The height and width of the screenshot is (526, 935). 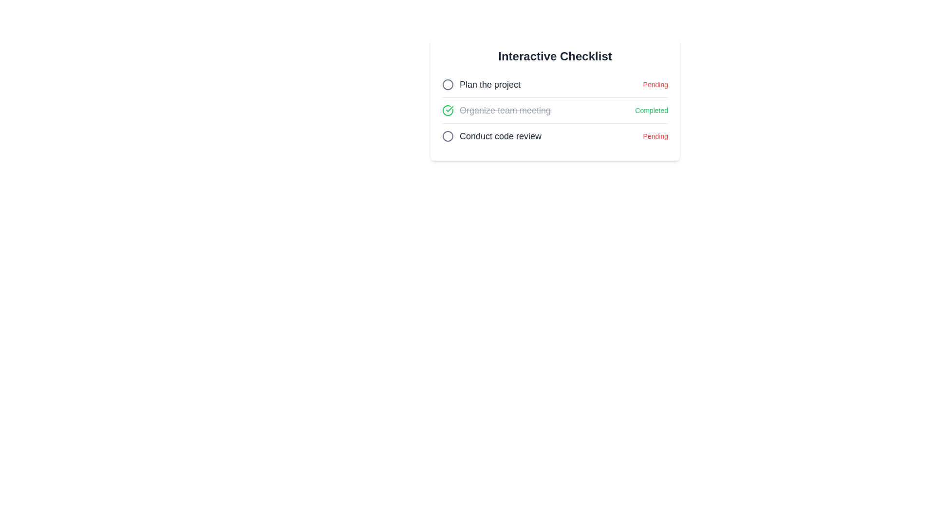 I want to click on the task list item that describes the task 'Conduct code review', so click(x=492, y=136).